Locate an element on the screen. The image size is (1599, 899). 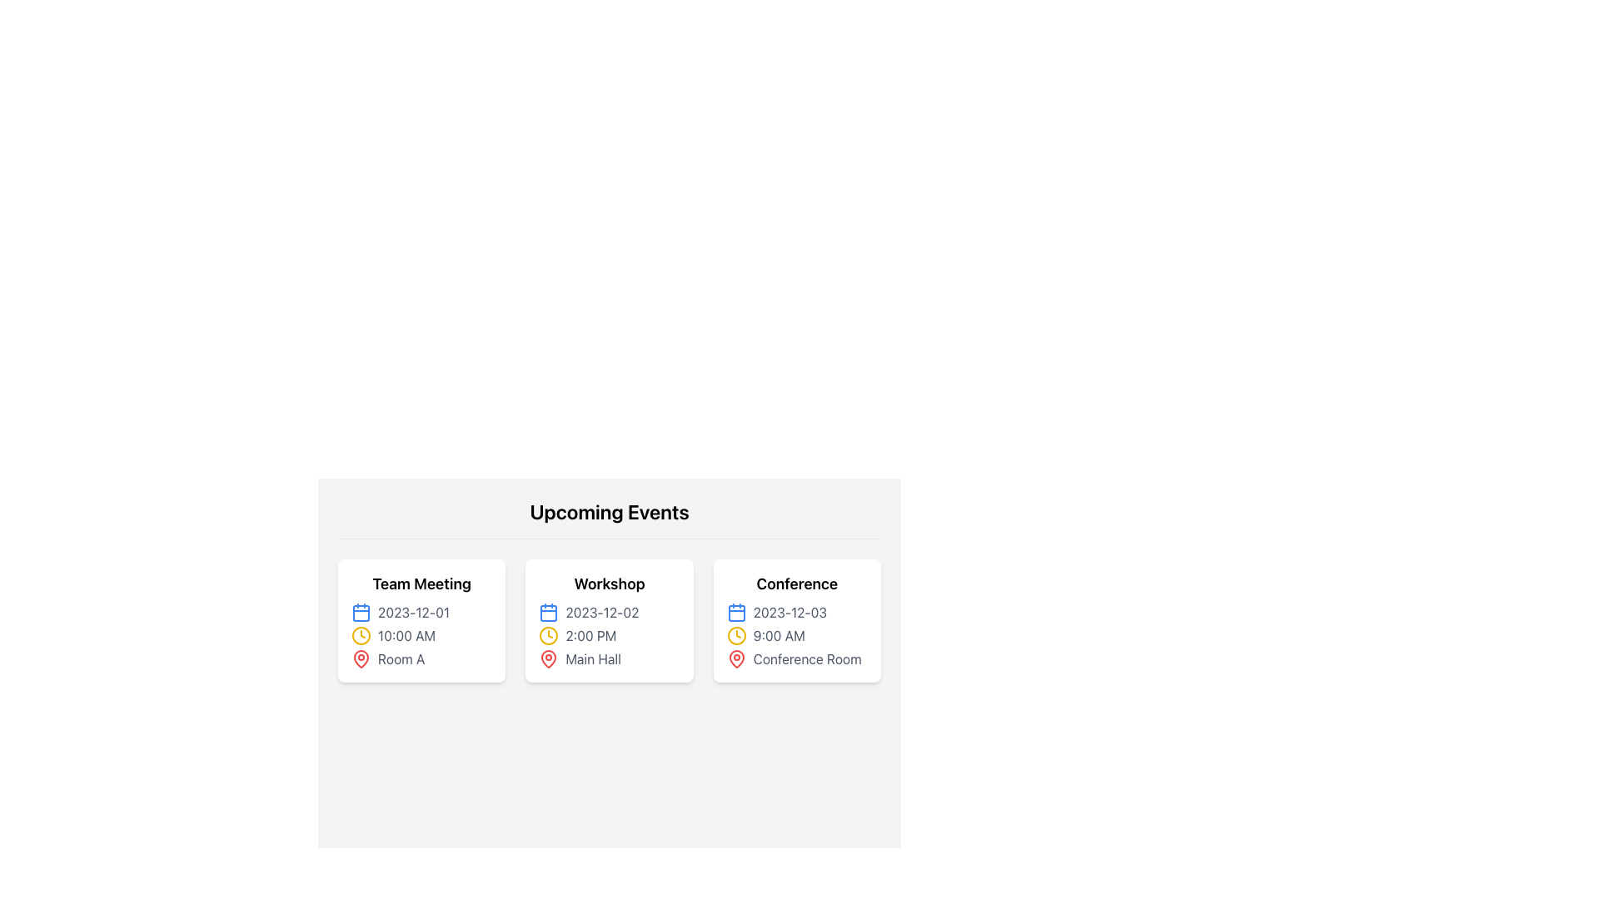
the symbolic indicator icon representing the 'Main Hall' location, which is located to the left of the 'Main Hall' text within the 'Workshop' card in the 'Upcoming Events' section is located at coordinates (549, 658).